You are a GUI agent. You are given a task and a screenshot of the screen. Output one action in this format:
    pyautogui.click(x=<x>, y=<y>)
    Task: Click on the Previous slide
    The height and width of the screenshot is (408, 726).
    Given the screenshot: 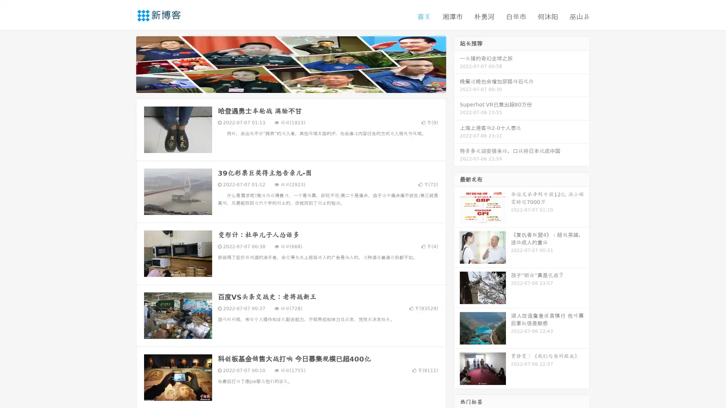 What is the action you would take?
    pyautogui.click(x=125, y=63)
    